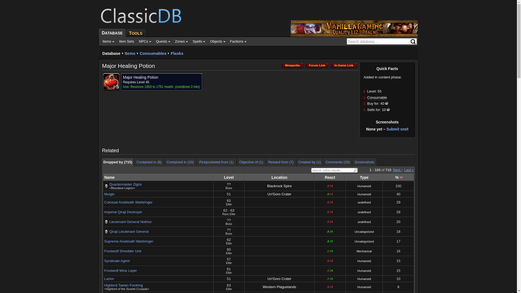 The image size is (521, 293). I want to click on 'Comments (20)', so click(337, 162).